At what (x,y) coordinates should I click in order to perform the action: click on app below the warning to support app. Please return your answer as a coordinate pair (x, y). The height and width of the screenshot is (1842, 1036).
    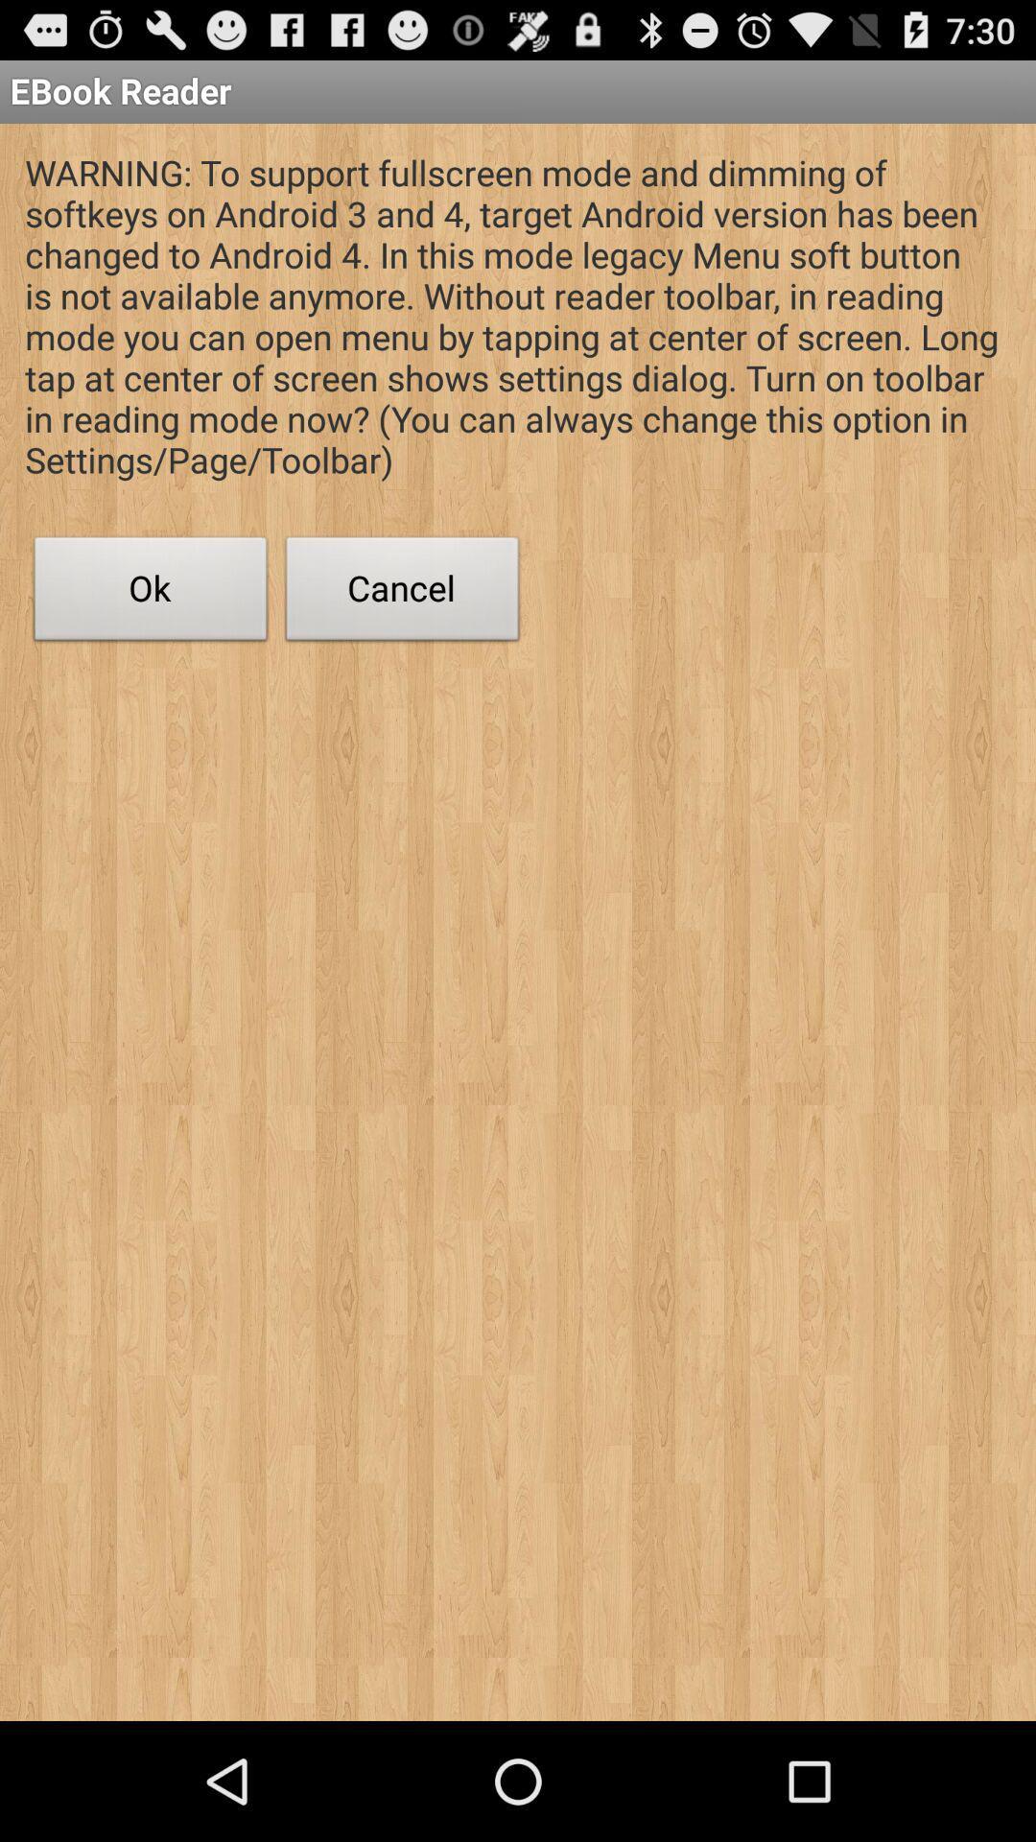
    Looking at the image, I should click on (150, 593).